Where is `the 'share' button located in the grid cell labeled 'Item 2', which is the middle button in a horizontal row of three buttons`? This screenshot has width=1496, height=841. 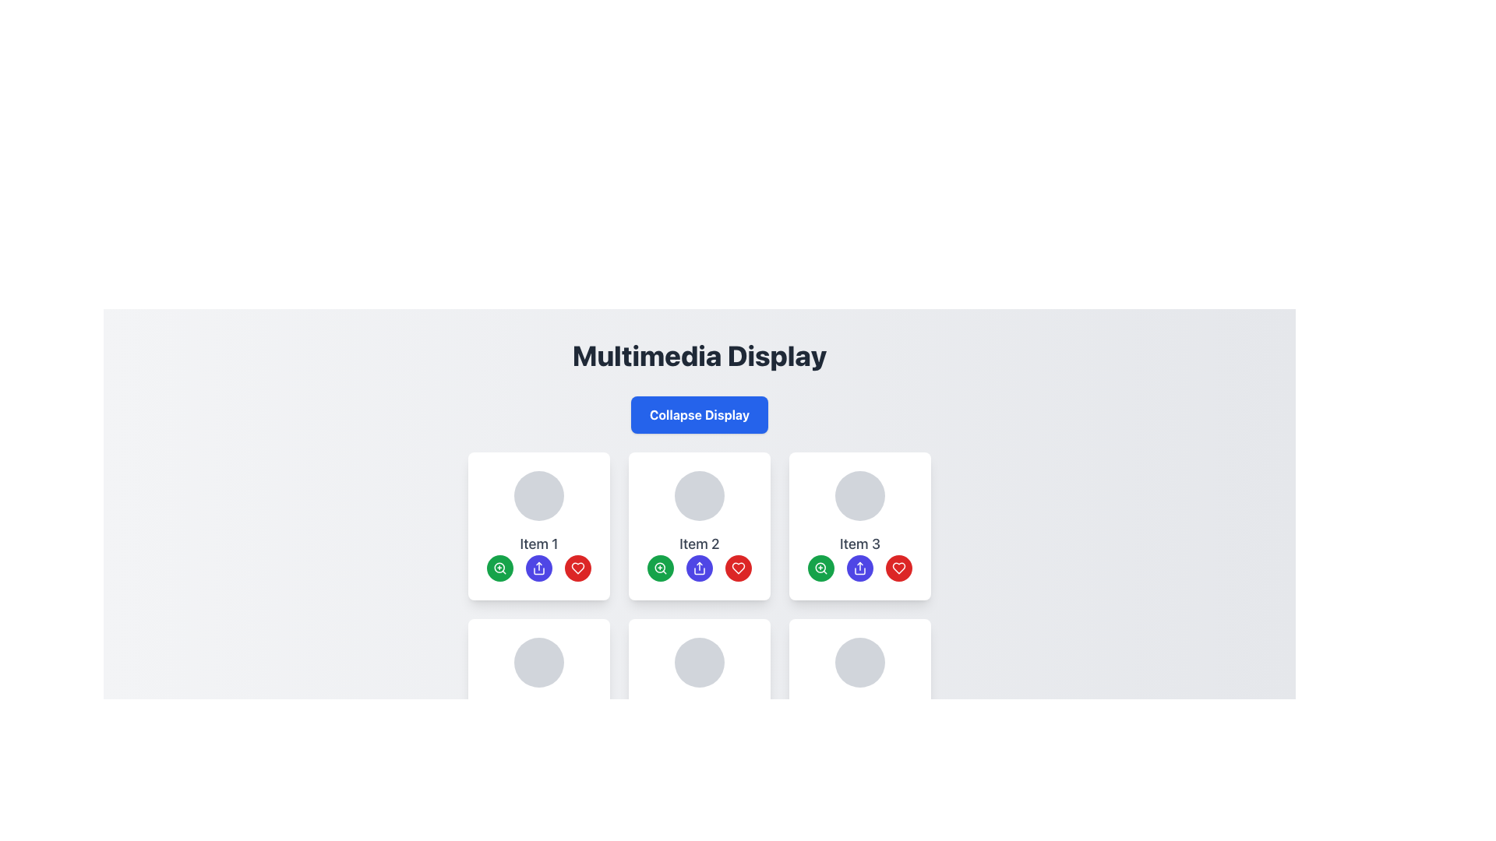
the 'share' button located in the grid cell labeled 'Item 2', which is the middle button in a horizontal row of three buttons is located at coordinates (698, 568).